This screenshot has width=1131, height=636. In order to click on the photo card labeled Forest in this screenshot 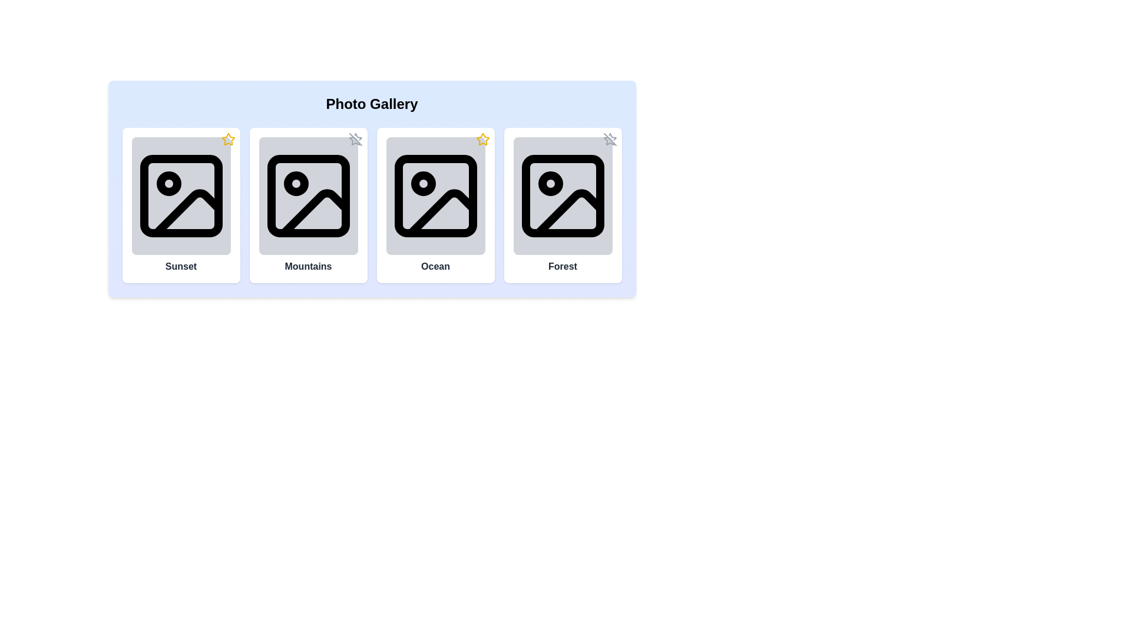, I will do `click(562, 204)`.